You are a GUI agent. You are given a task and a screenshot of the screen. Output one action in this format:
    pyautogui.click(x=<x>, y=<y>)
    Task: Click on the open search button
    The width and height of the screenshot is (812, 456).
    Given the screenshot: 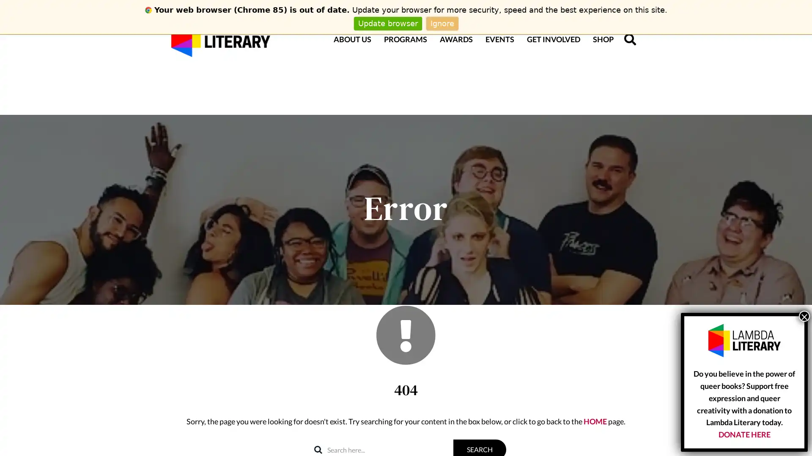 What is the action you would take?
    pyautogui.click(x=630, y=39)
    